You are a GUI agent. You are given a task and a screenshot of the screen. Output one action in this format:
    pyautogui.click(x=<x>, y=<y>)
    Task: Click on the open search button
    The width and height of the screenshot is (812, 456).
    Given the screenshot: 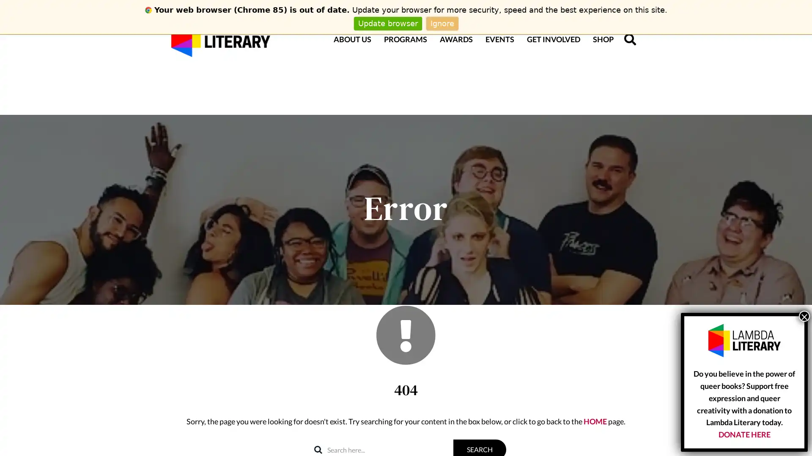 What is the action you would take?
    pyautogui.click(x=630, y=39)
    